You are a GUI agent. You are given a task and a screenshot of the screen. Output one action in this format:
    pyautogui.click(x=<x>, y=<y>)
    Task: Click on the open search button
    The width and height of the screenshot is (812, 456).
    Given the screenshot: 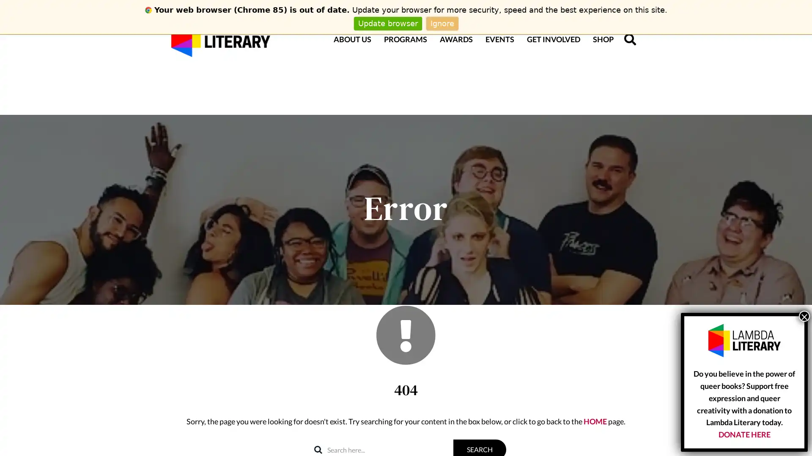 What is the action you would take?
    pyautogui.click(x=630, y=39)
    